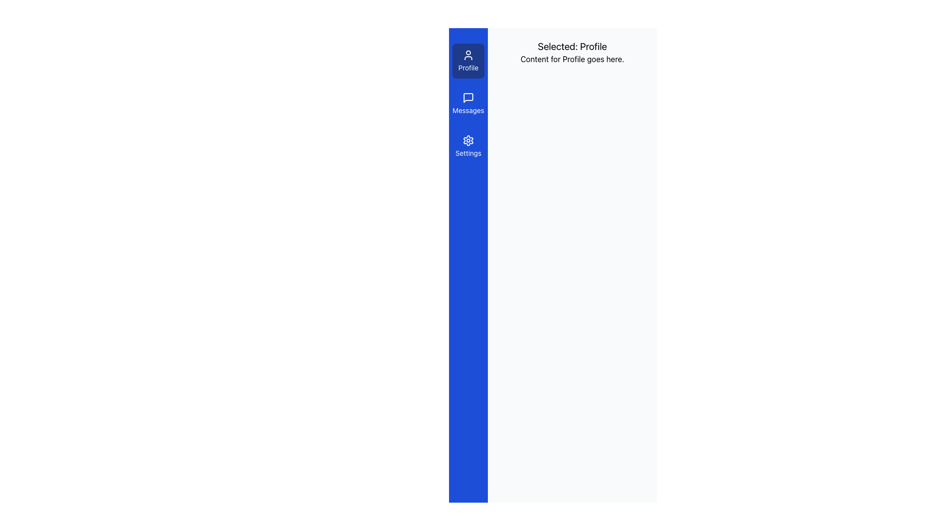  Describe the element at coordinates (468, 103) in the screenshot. I see `the 'Messages' button, which features a white speech bubble icon and is located in the sidebar menu below the 'Profile' option` at that location.